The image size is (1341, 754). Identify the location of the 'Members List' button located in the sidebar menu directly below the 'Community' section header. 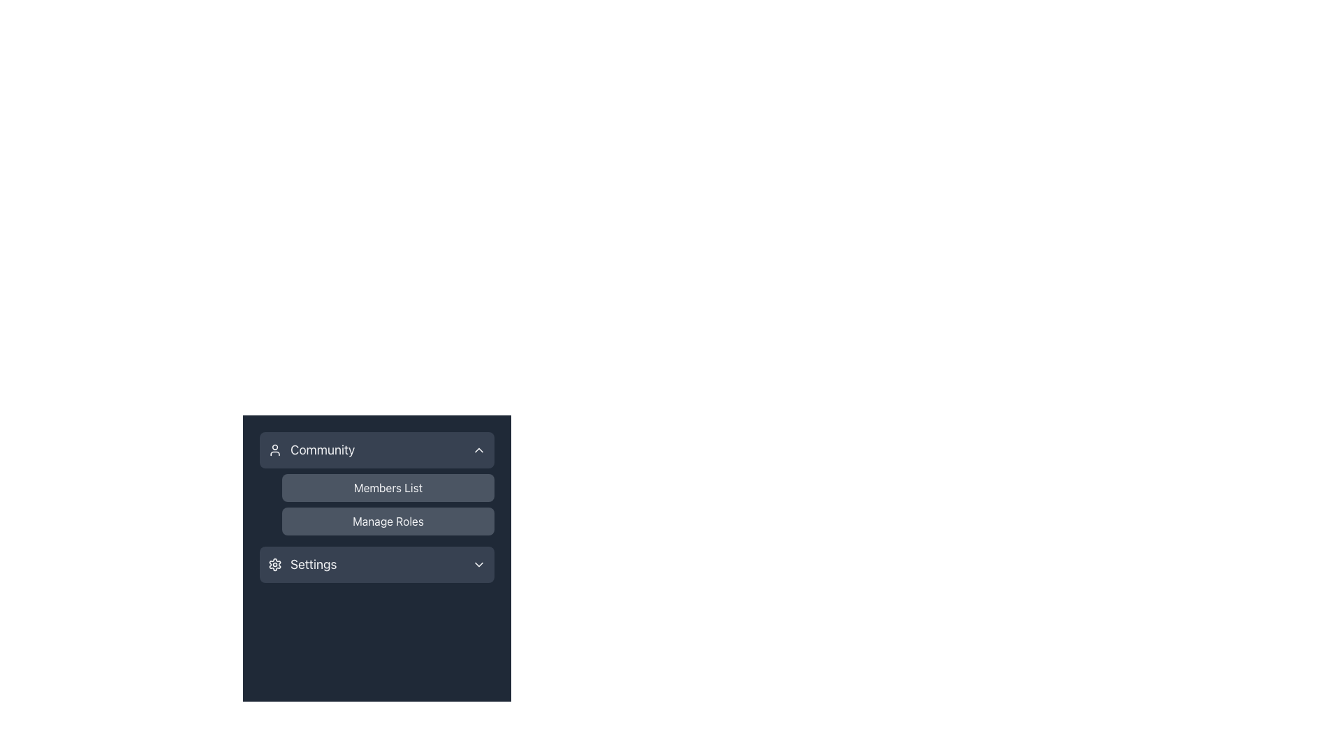
(388, 487).